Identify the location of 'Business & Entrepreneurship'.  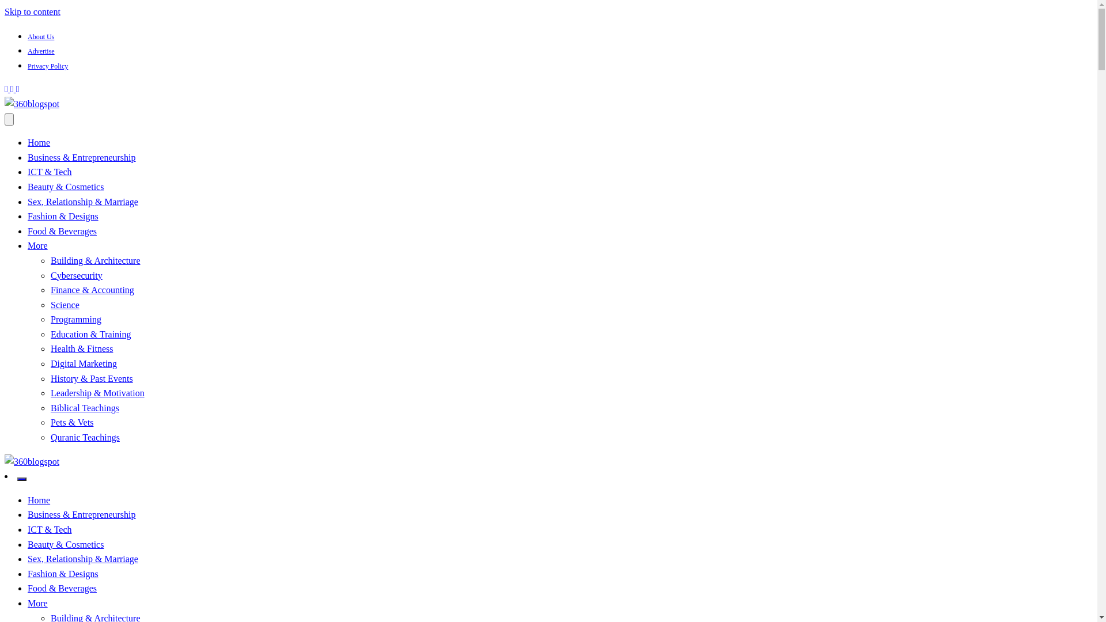
(28, 157).